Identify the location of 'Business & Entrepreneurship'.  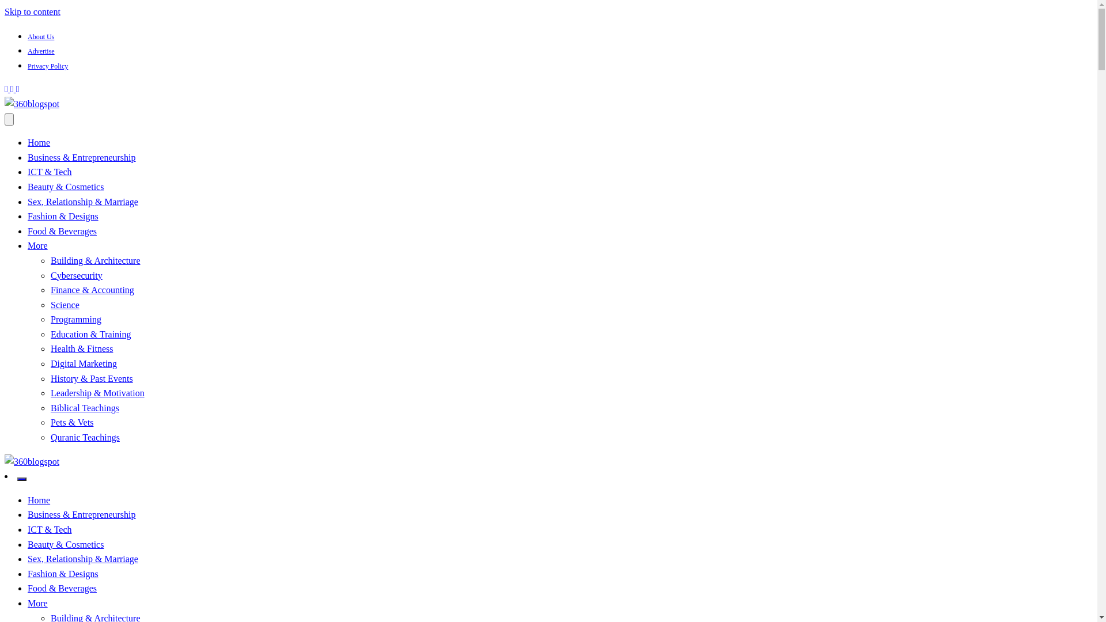
(28, 157).